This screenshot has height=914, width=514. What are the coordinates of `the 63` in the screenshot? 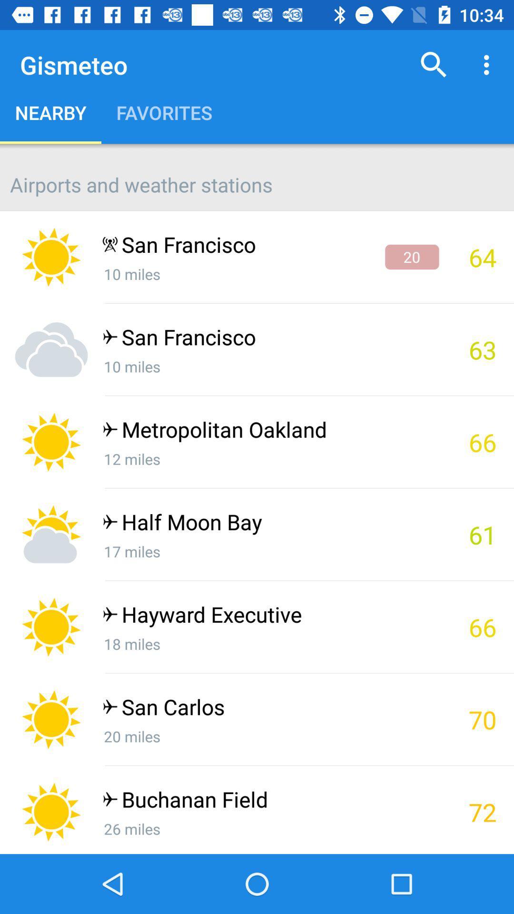 It's located at (476, 349).